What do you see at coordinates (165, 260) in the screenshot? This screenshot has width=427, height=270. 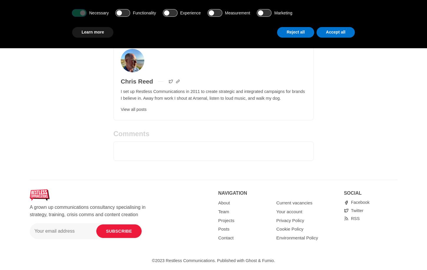 I see `'Restless Communications'` at bounding box center [165, 260].